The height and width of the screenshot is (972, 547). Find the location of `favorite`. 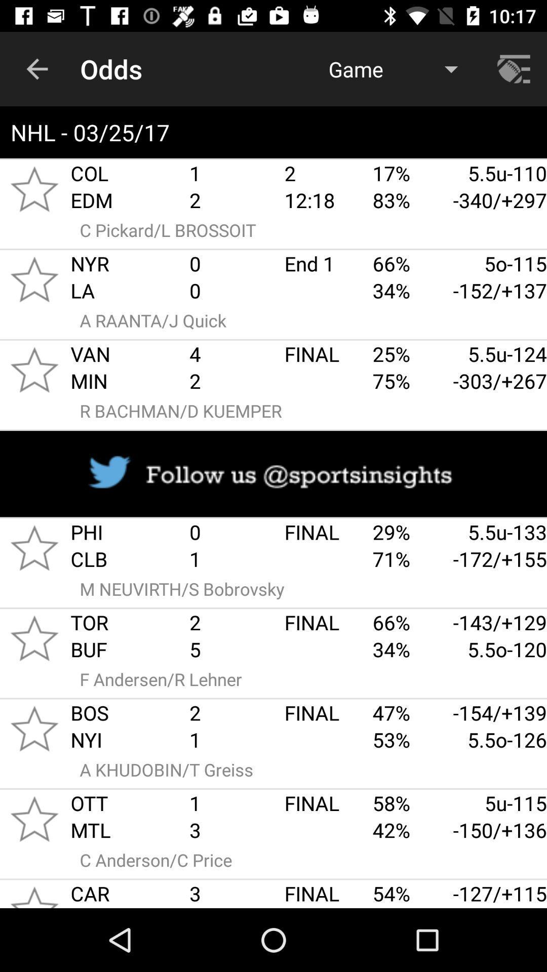

favorite is located at coordinates (34, 894).